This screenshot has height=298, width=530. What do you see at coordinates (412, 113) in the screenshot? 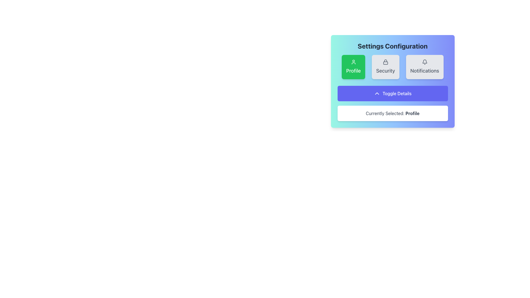
I see `the static text label 'Profile' which is styled in dark gray and located within a white background area, immediately after the phrase 'Currently Selected:' and below the blue button labeled 'Toggle Details'` at bounding box center [412, 113].